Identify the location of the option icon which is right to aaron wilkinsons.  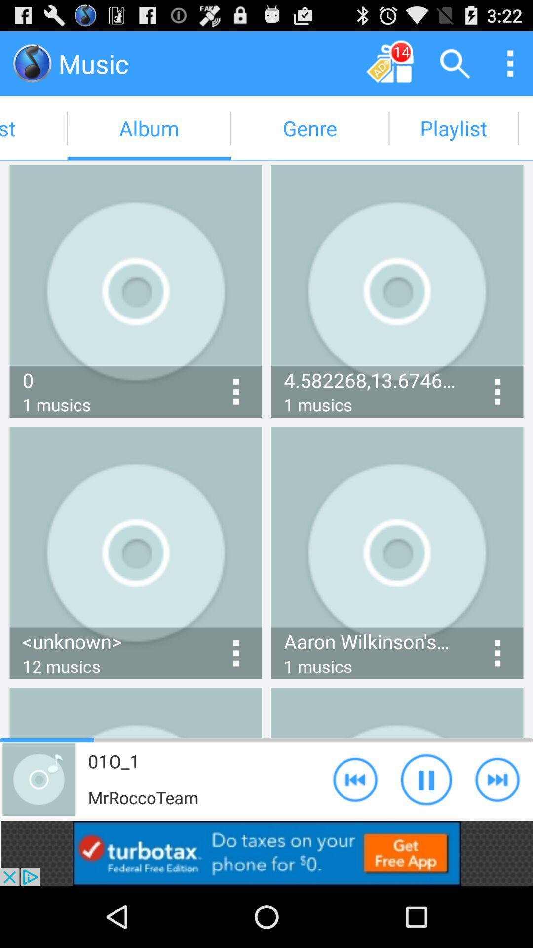
(497, 653).